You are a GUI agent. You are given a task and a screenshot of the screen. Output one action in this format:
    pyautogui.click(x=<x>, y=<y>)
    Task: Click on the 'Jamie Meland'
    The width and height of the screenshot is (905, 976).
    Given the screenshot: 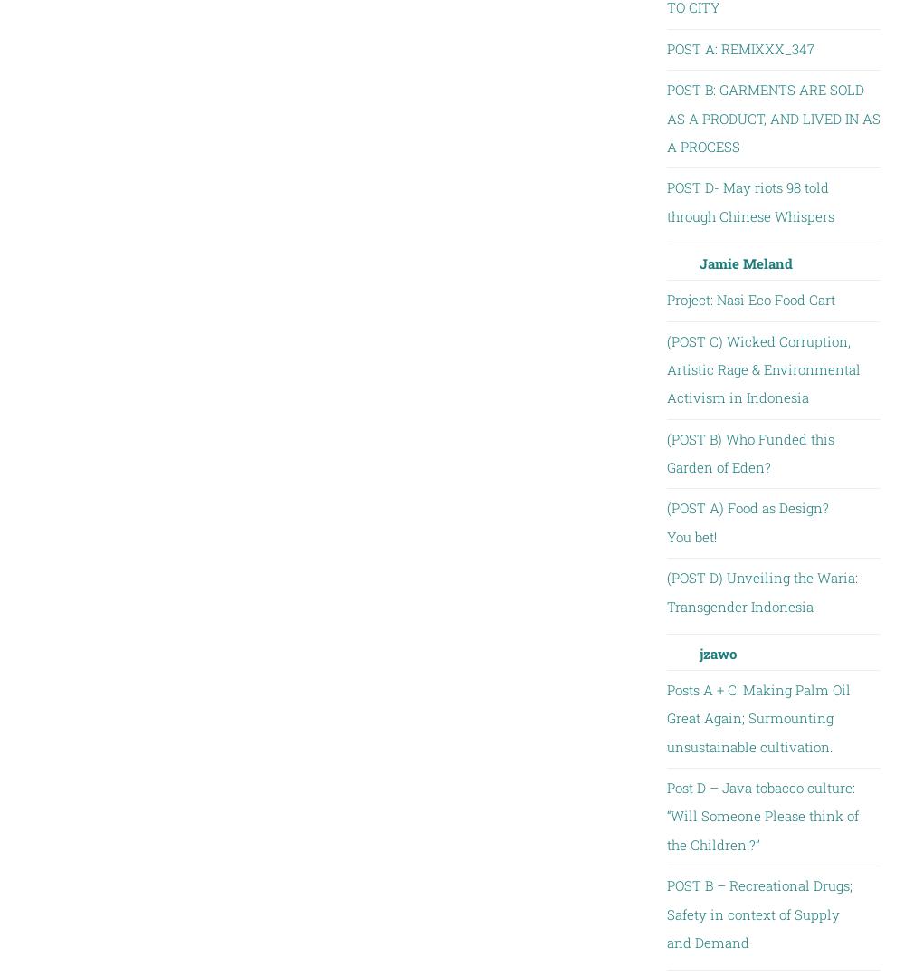 What is the action you would take?
    pyautogui.click(x=744, y=263)
    